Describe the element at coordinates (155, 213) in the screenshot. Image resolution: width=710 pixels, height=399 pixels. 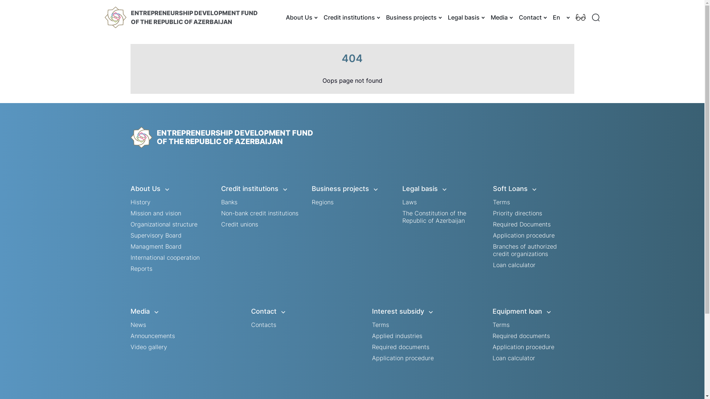
I see `'Mission and vision'` at that location.